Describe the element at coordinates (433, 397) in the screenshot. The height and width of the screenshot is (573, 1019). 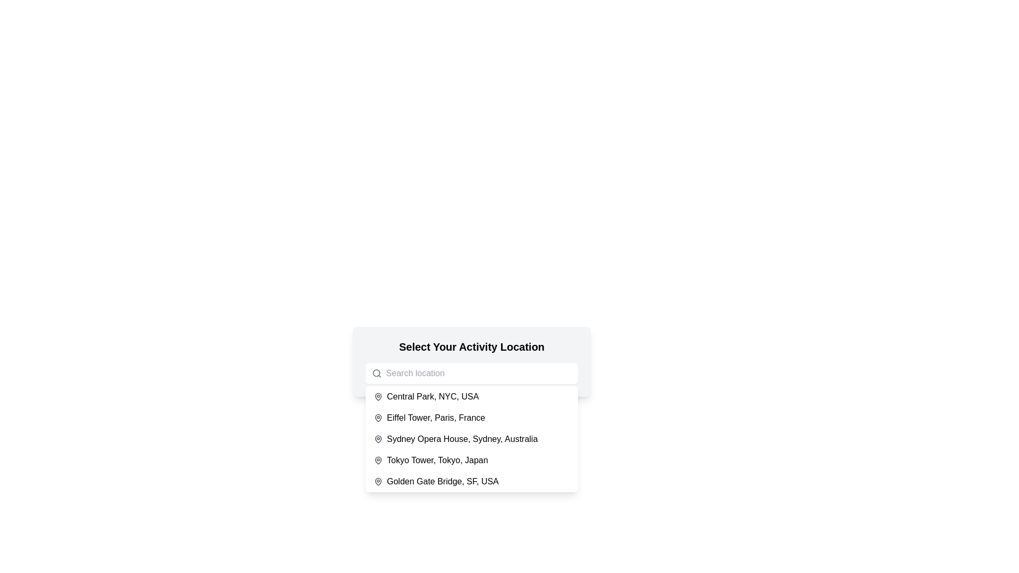
I see `the text label 'Central Park, NYC, USA' within the dropdown menu` at that location.